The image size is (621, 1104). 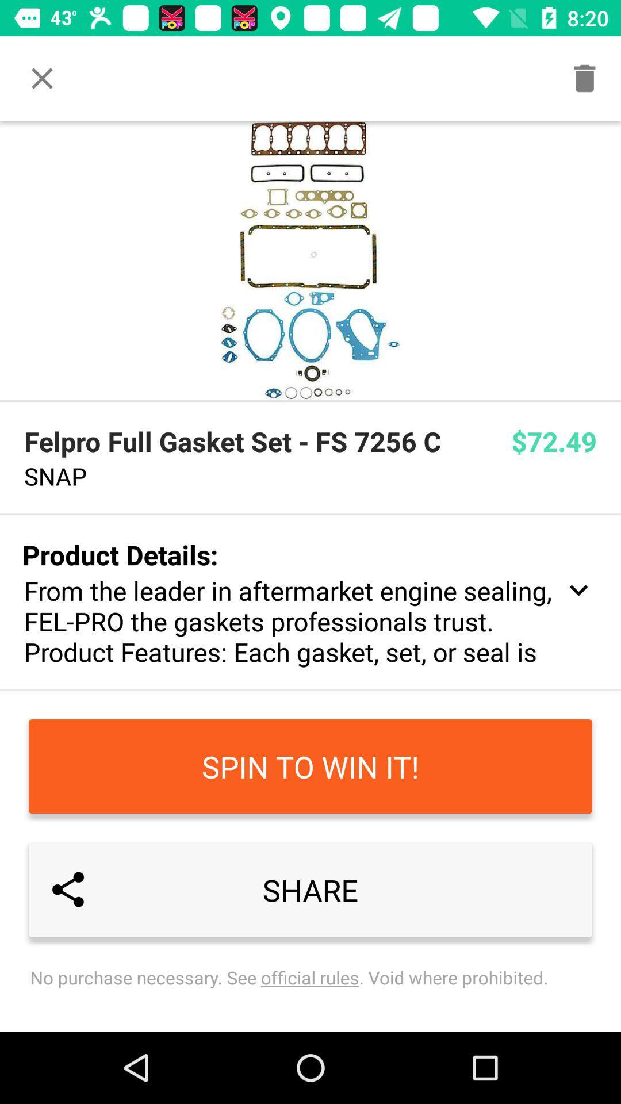 I want to click on the icon at the top left corner, so click(x=41, y=78).